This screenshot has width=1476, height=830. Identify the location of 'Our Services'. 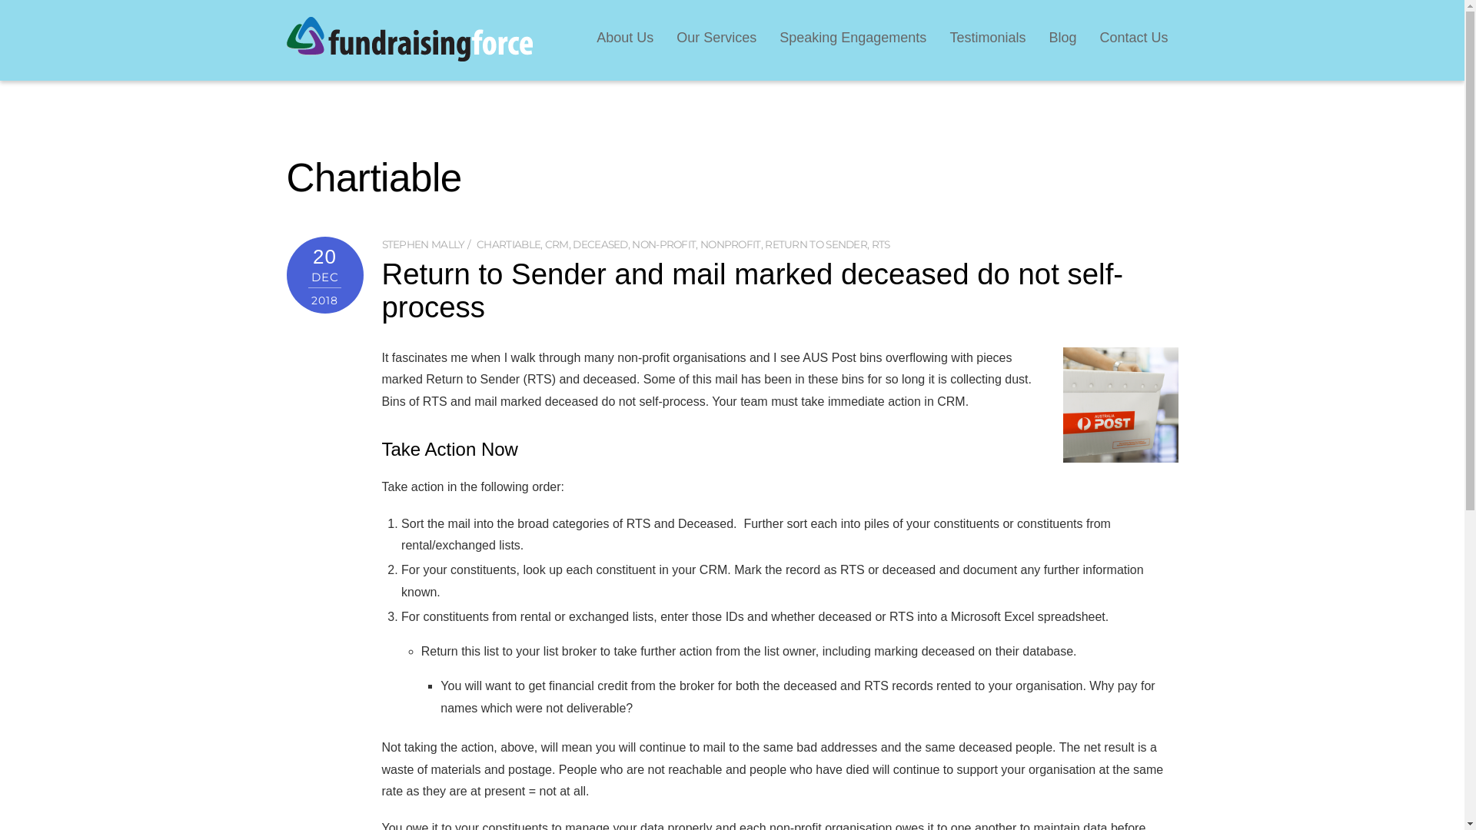
(668, 35).